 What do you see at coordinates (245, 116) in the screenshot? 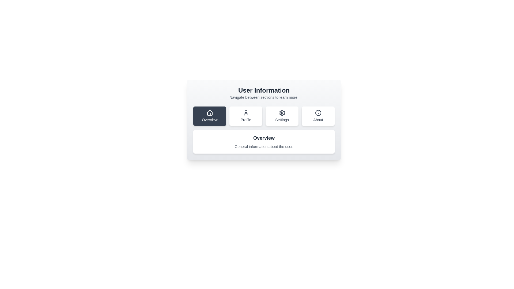
I see `the 'Profile' button, which is a rectangular UI element with a white background, rounded corners, and contains a human outline icon above the text 'Profile'` at bounding box center [245, 116].